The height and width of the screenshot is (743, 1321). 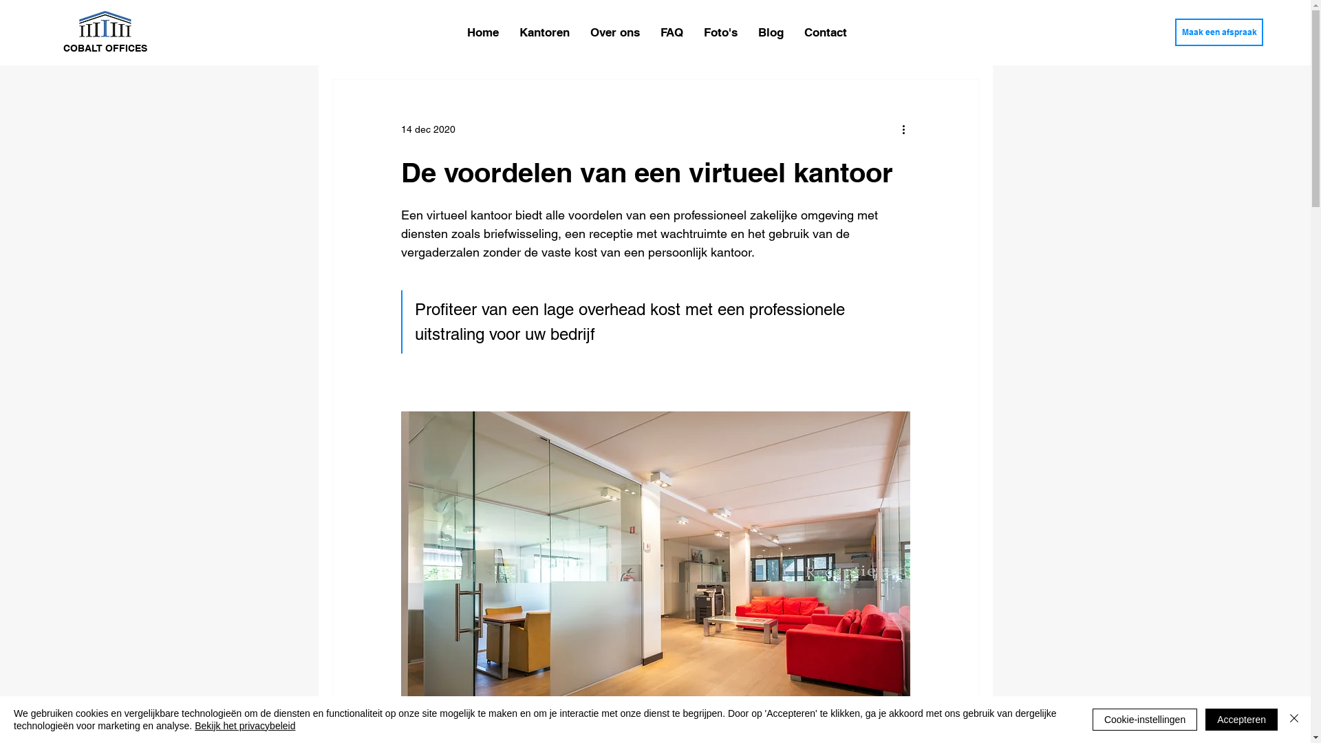 What do you see at coordinates (720, 31) in the screenshot?
I see `'Foto's'` at bounding box center [720, 31].